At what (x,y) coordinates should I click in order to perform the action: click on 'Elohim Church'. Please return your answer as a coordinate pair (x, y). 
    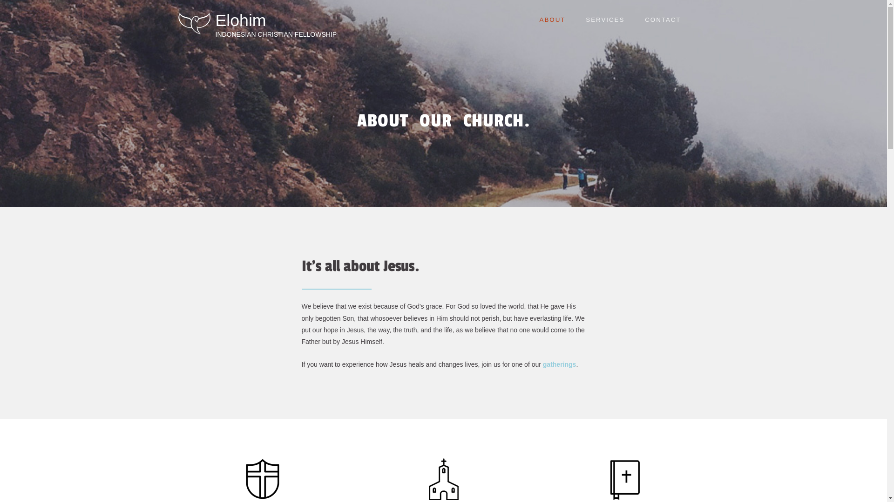
    Looking at the image, I should click on (194, 23).